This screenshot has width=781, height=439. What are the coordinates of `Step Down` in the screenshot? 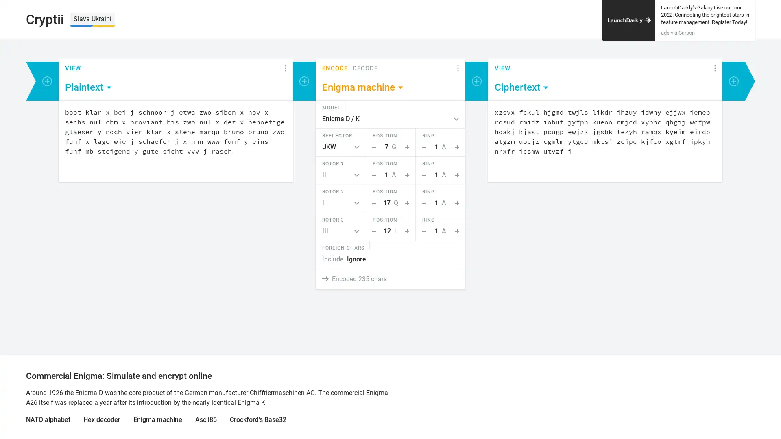 It's located at (422, 175).